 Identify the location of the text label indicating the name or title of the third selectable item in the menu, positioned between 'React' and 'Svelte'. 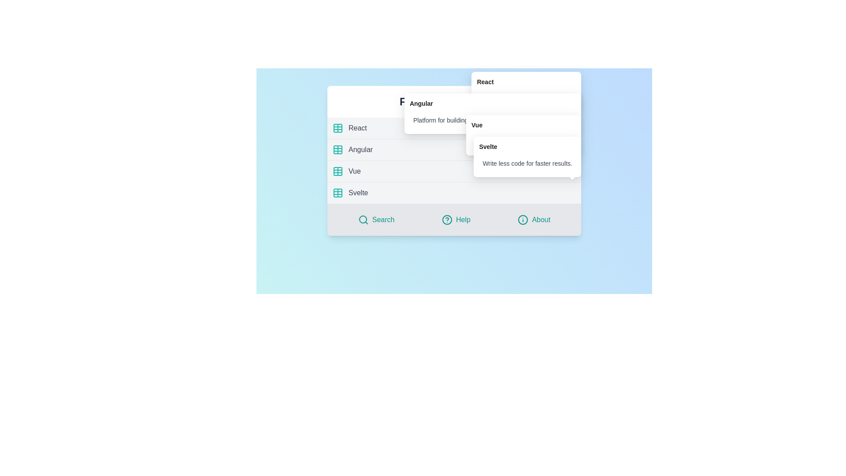
(354, 171).